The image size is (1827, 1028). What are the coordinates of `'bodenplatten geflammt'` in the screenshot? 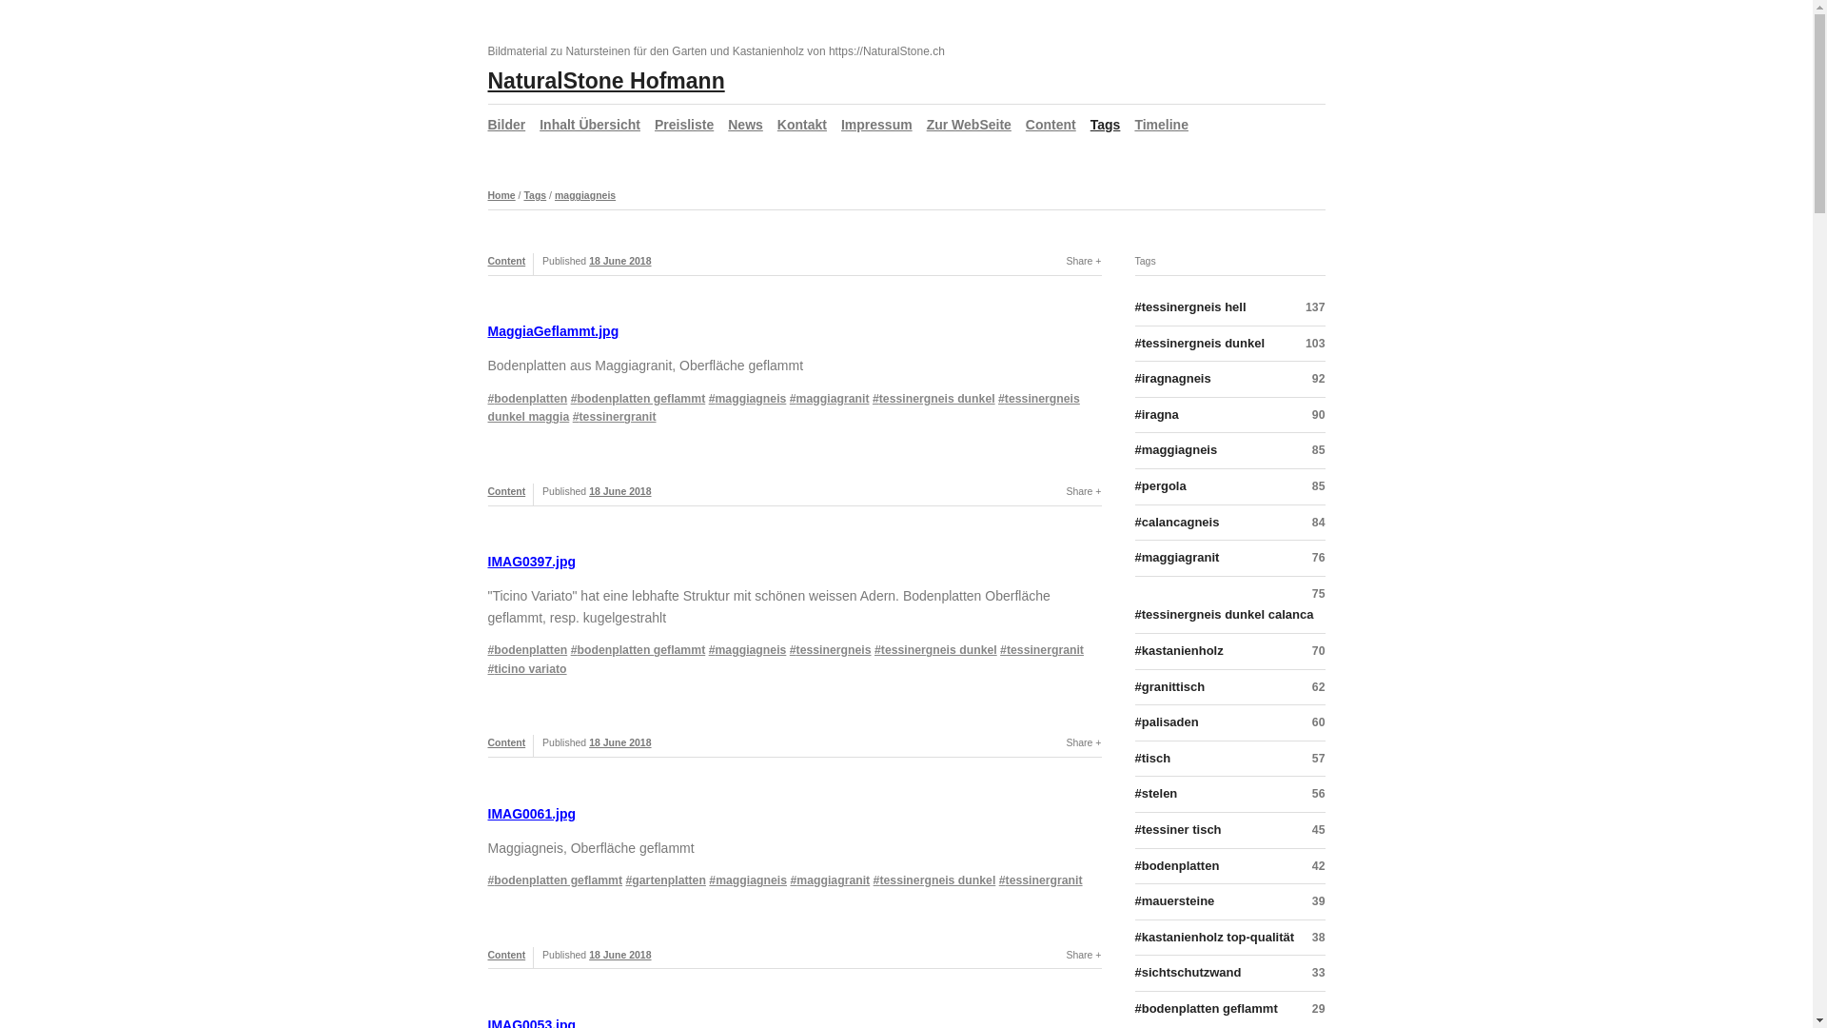 It's located at (638, 398).